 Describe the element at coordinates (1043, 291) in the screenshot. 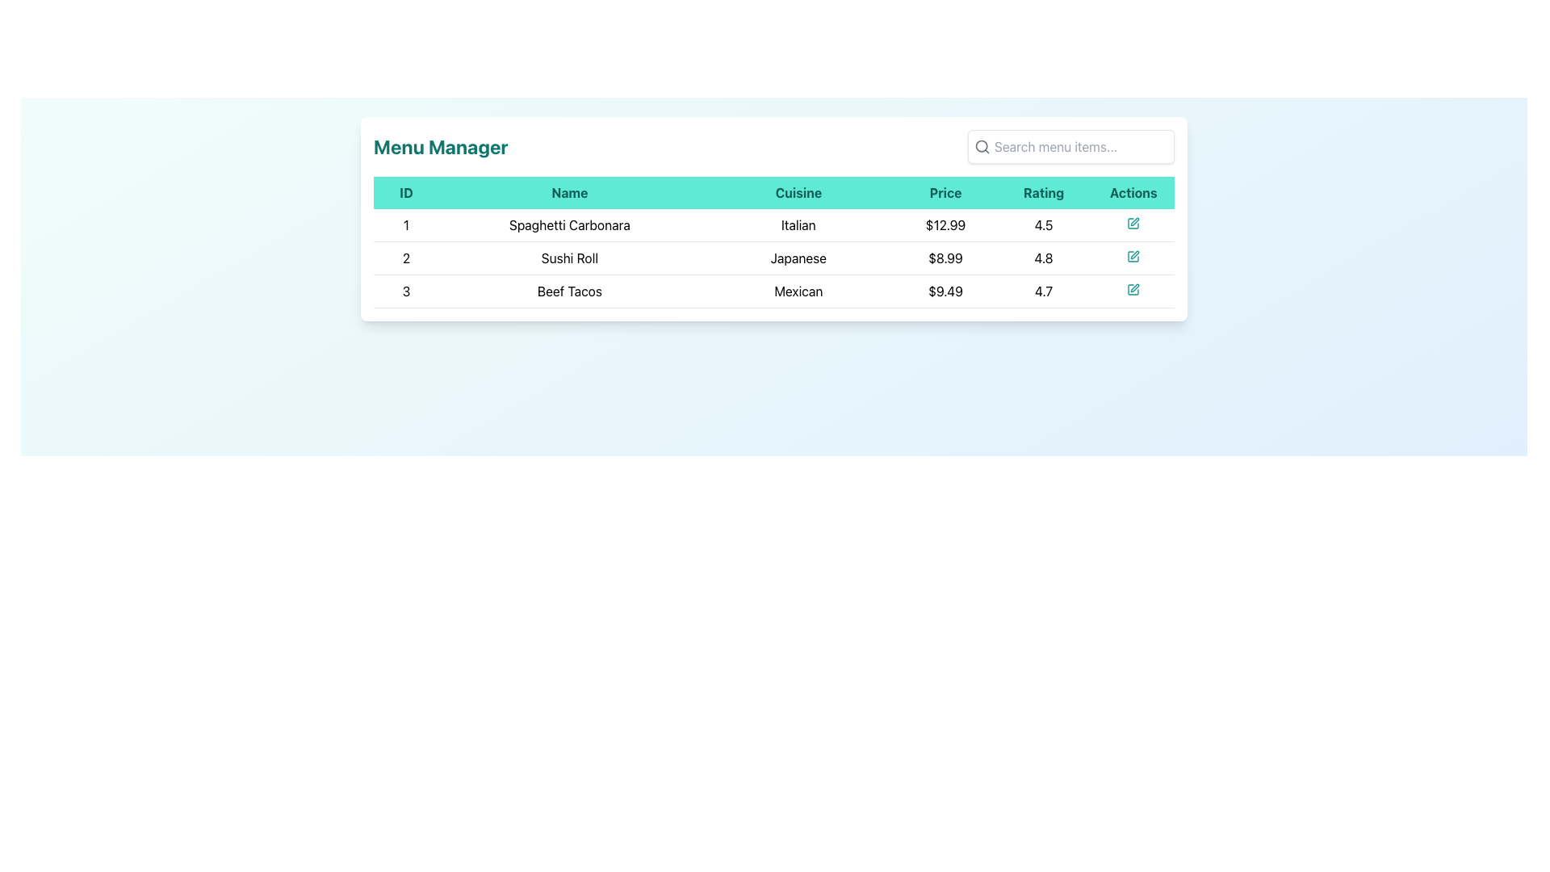

I see `the static text element displaying the rating value '4.7' for 'Beef Tacos' in the 'Rating' column of the table` at that location.